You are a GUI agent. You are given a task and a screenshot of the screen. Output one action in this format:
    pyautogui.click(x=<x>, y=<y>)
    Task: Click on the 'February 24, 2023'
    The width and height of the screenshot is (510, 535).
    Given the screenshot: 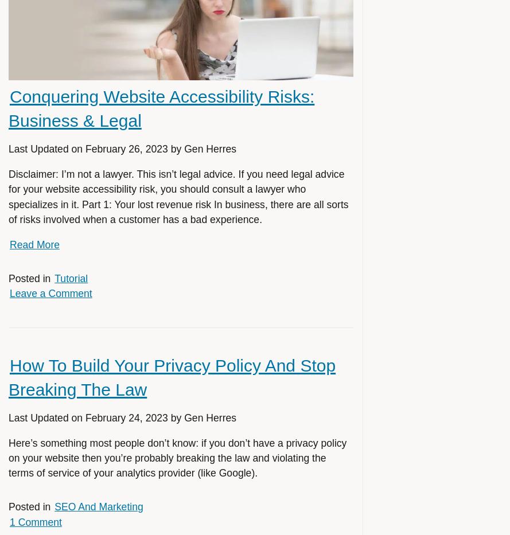 What is the action you would take?
    pyautogui.click(x=126, y=417)
    